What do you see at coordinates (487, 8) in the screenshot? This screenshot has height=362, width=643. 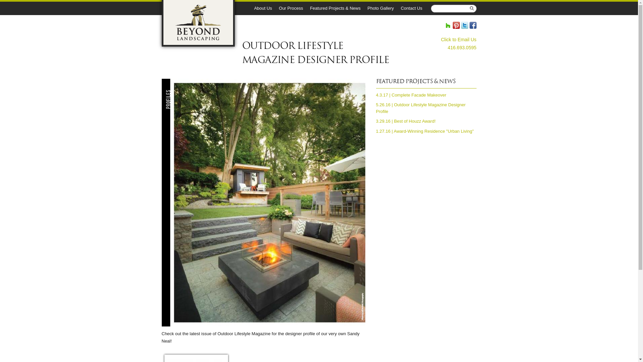 I see `'Search'` at bounding box center [487, 8].